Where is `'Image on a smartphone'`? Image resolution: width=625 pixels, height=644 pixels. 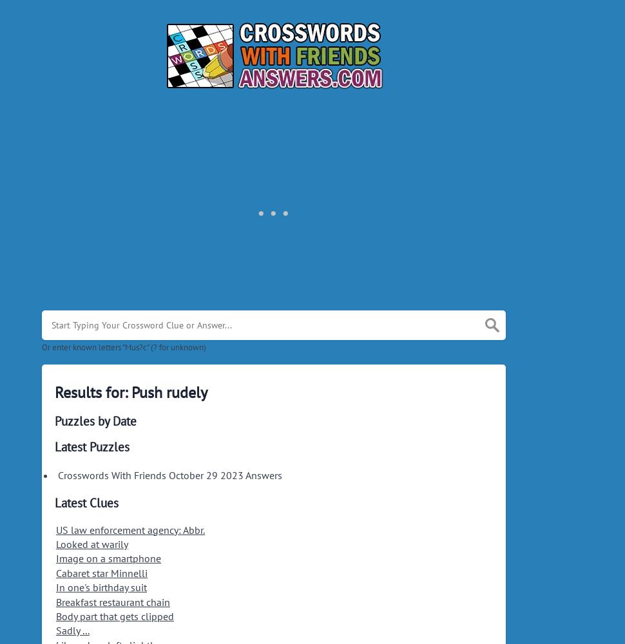
'Image on a smartphone' is located at coordinates (108, 558).